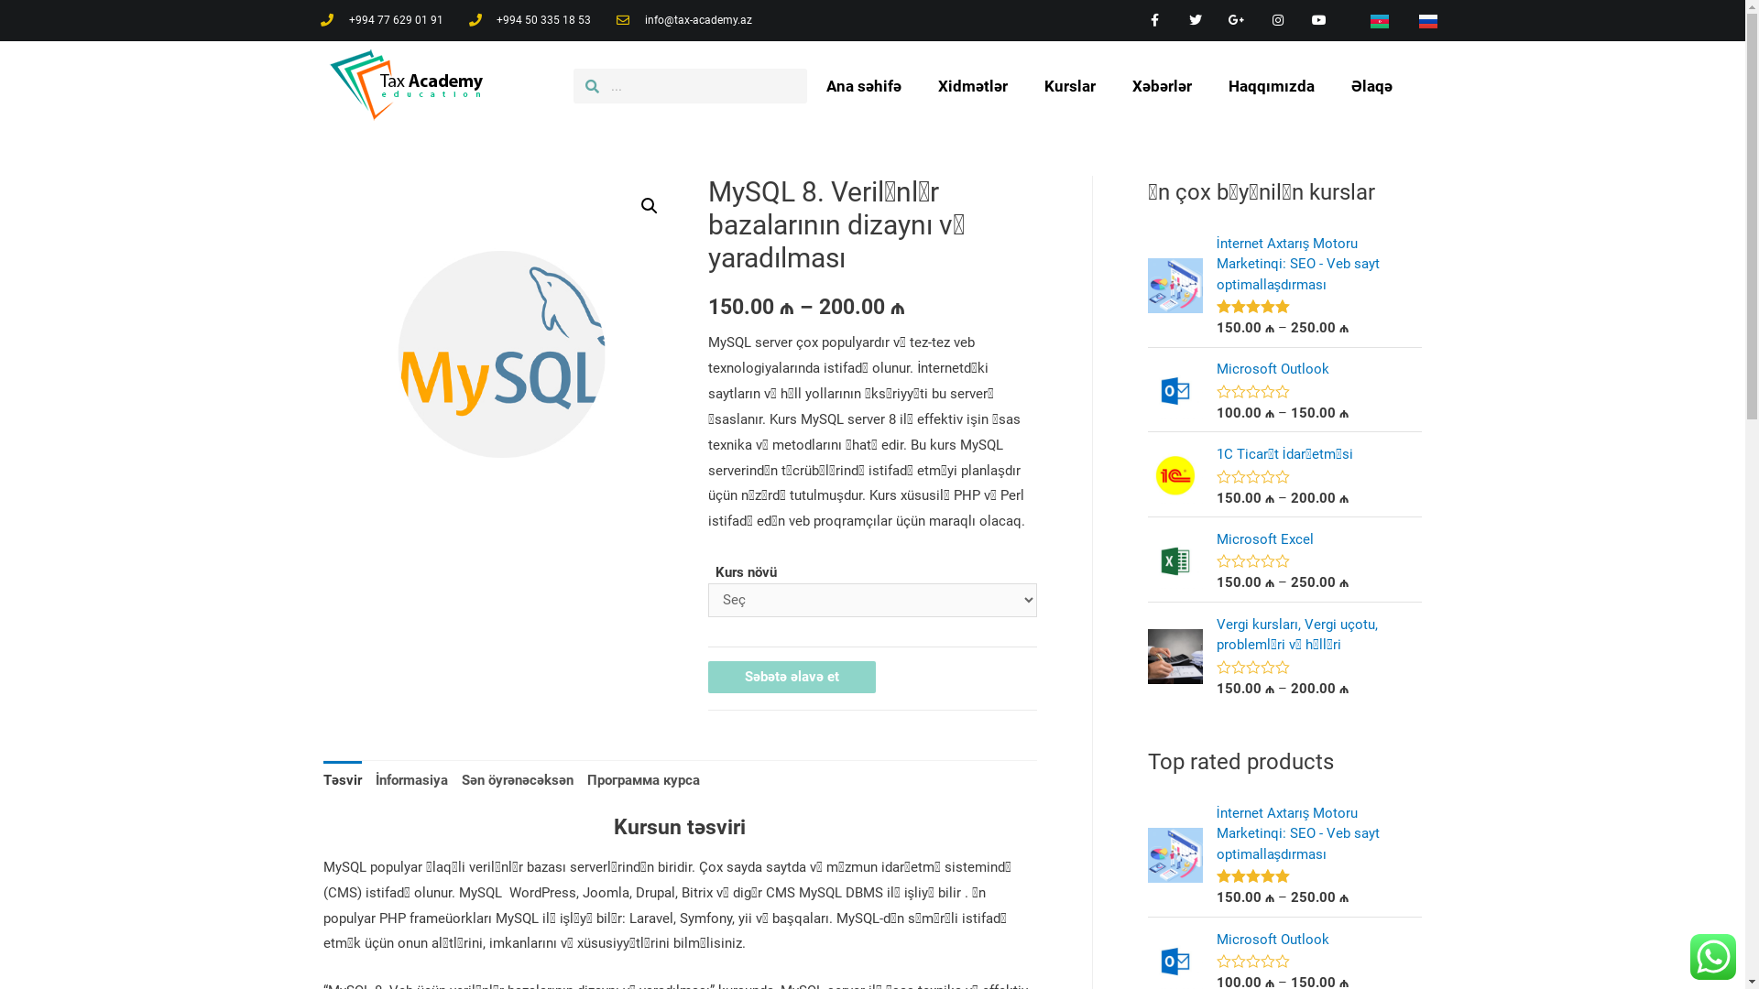  I want to click on 'Microsoft Excel', so click(1319, 538).